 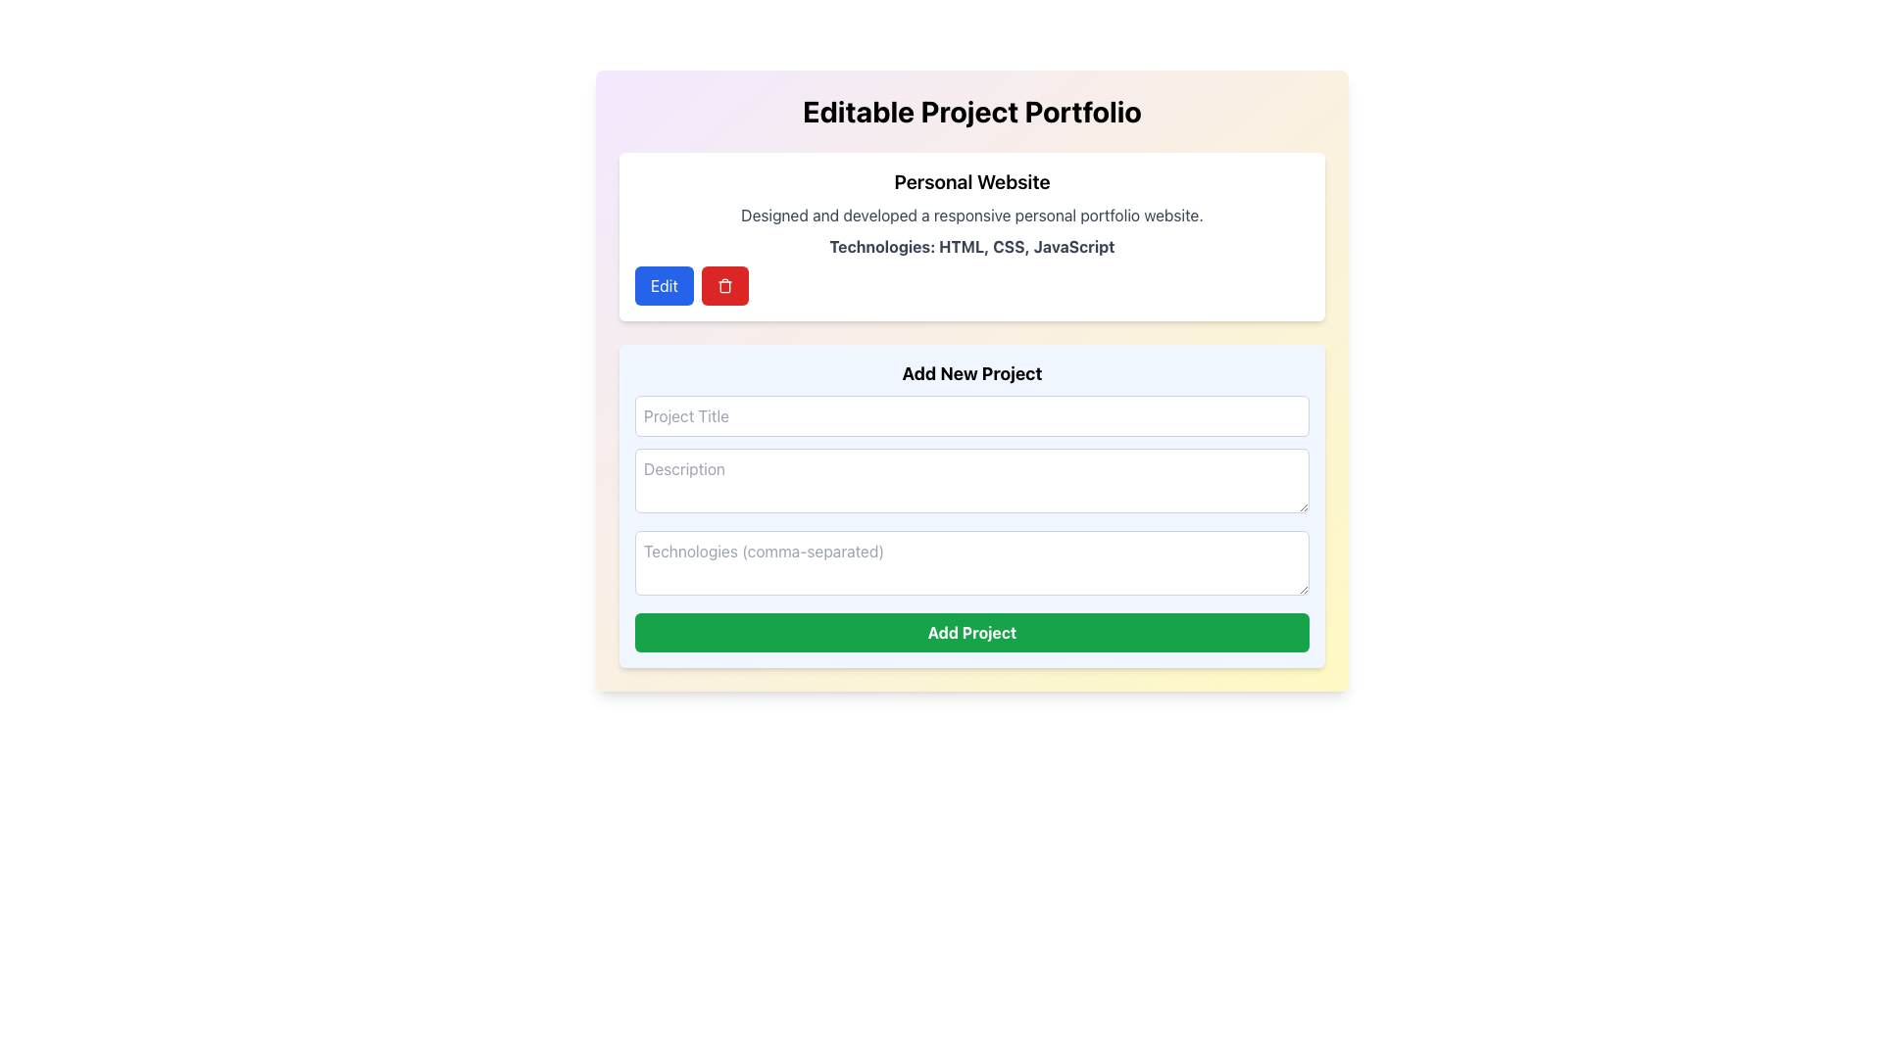 What do you see at coordinates (972, 215) in the screenshot?
I see `the static text label that reads 'Designed and developed a responsive personal portfolio website.', which is centered within the card below the title 'Personal Website'` at bounding box center [972, 215].